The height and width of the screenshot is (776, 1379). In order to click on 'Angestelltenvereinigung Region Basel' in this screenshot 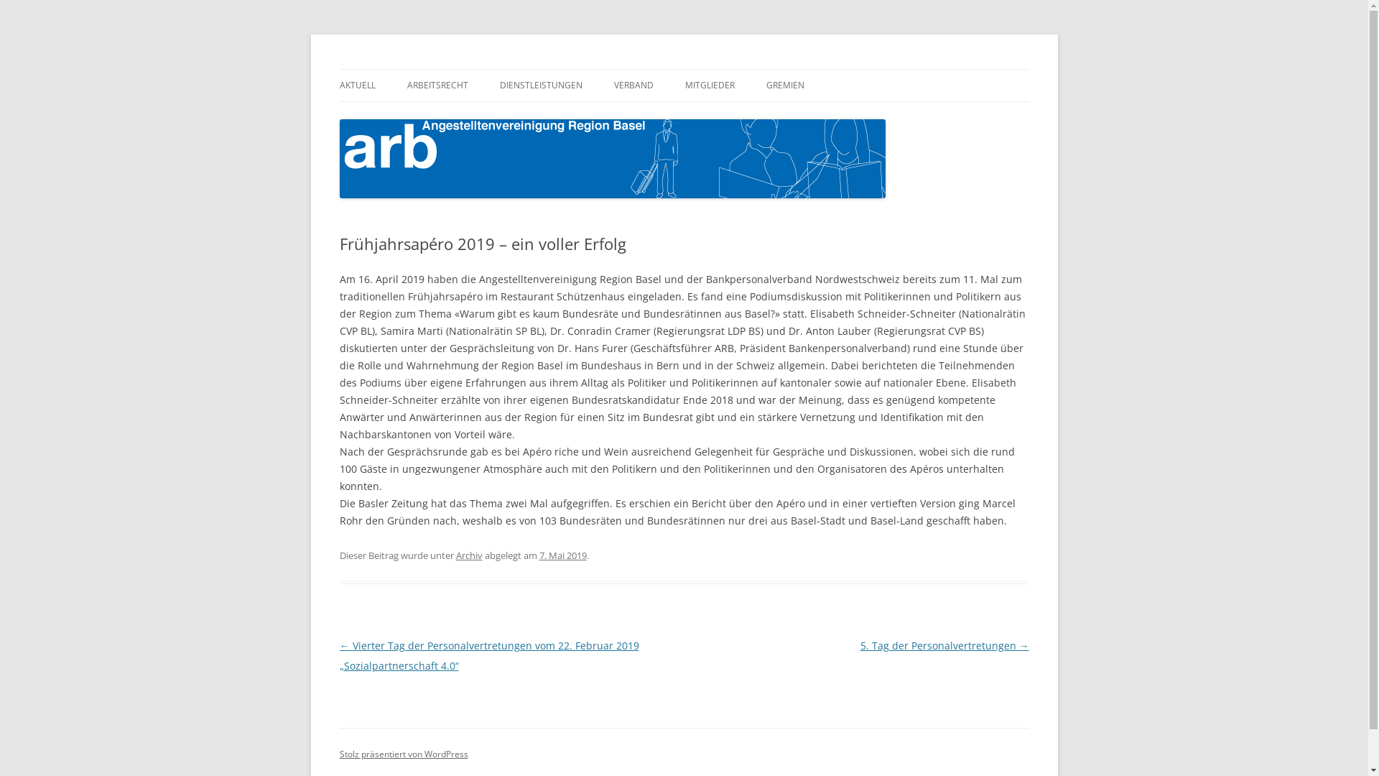, I will do `click(338, 69)`.